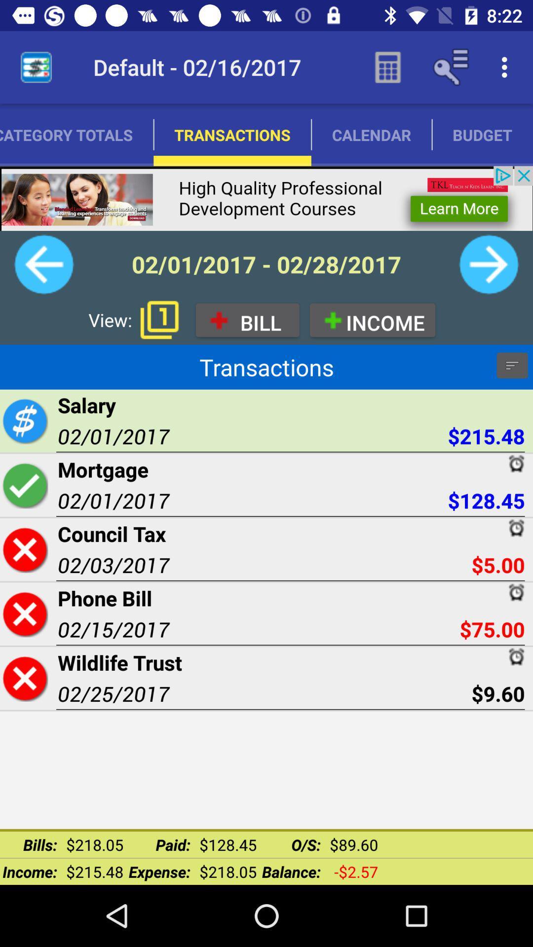  Describe the element at coordinates (511, 364) in the screenshot. I see `information` at that location.